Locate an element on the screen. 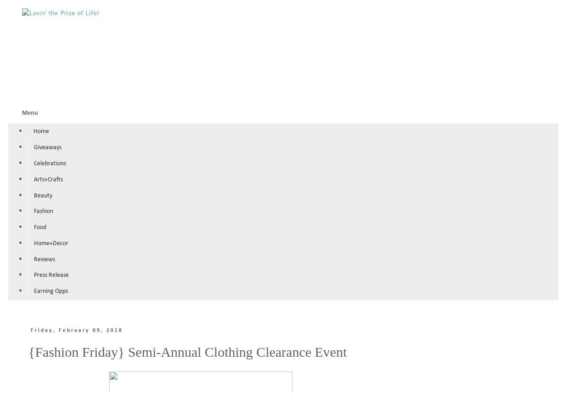  'Food' is located at coordinates (34, 227).